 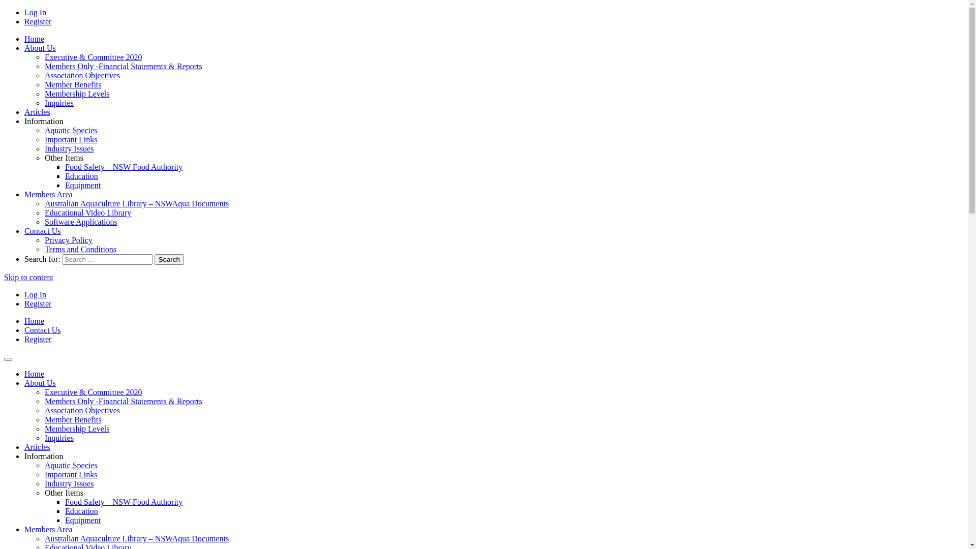 What do you see at coordinates (80, 221) in the screenshot?
I see `'Software Applications'` at bounding box center [80, 221].